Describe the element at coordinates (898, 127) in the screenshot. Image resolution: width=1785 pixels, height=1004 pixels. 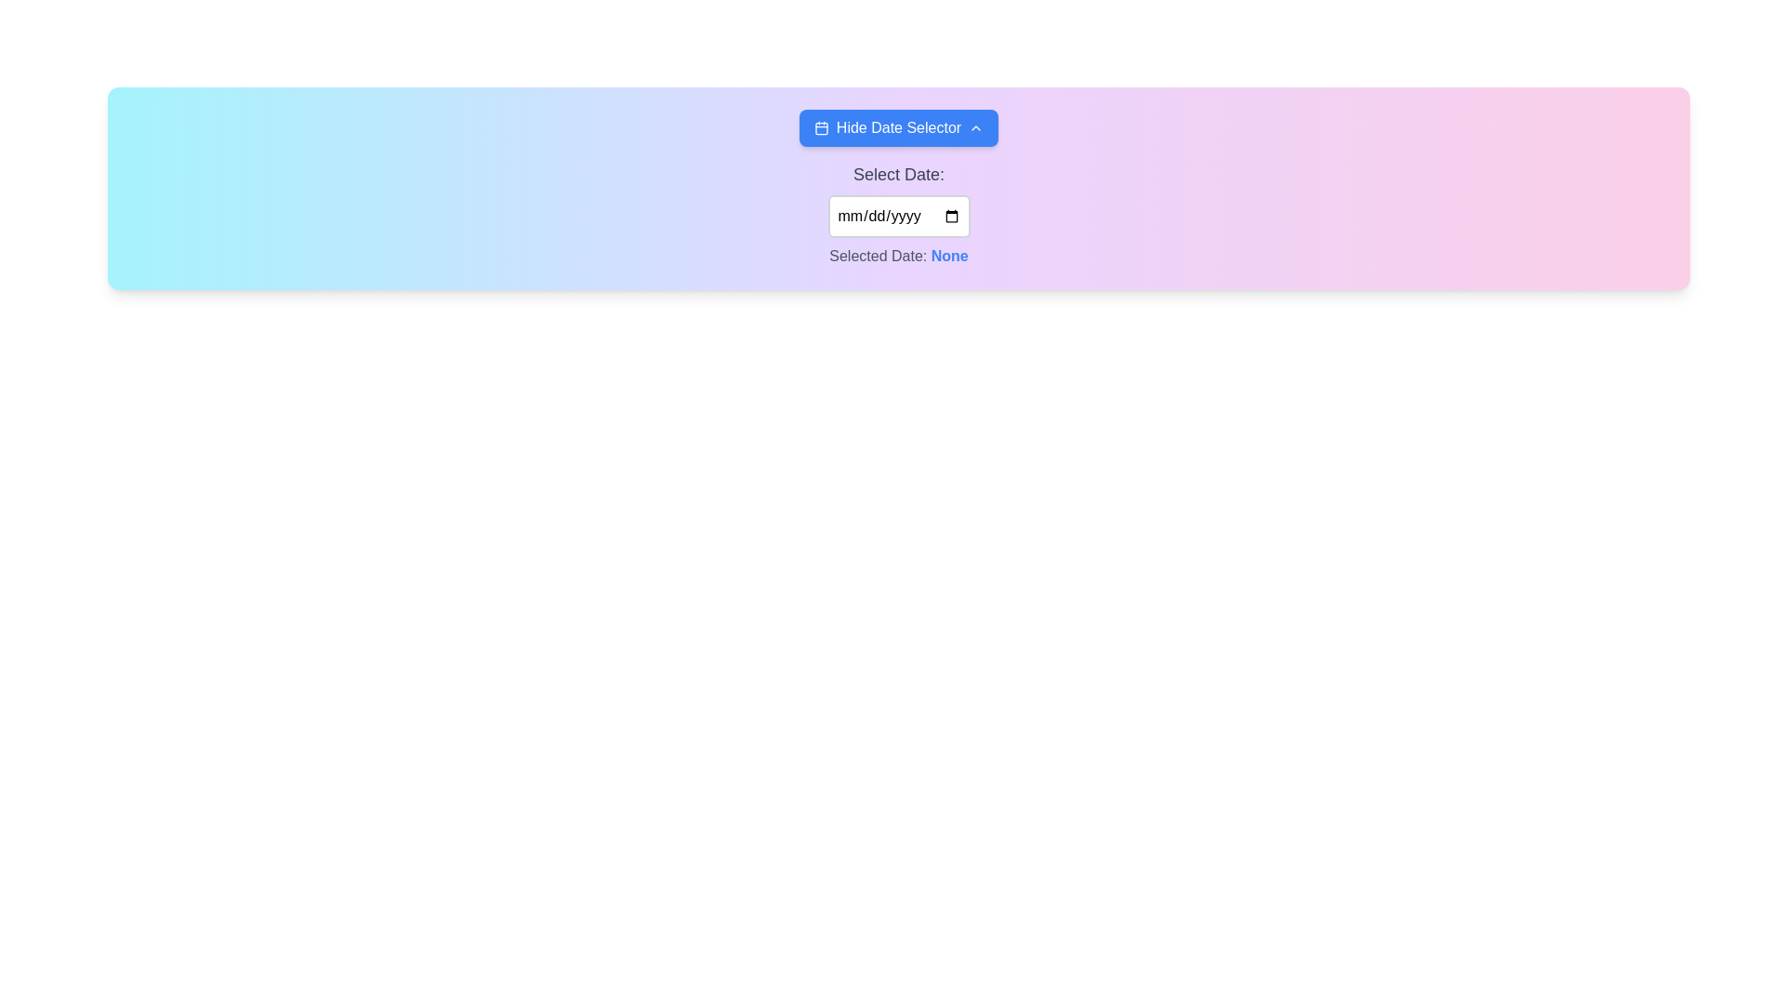
I see `text label that indicates the action of hiding the date selector, located in the central upper section of the interface within a button` at that location.